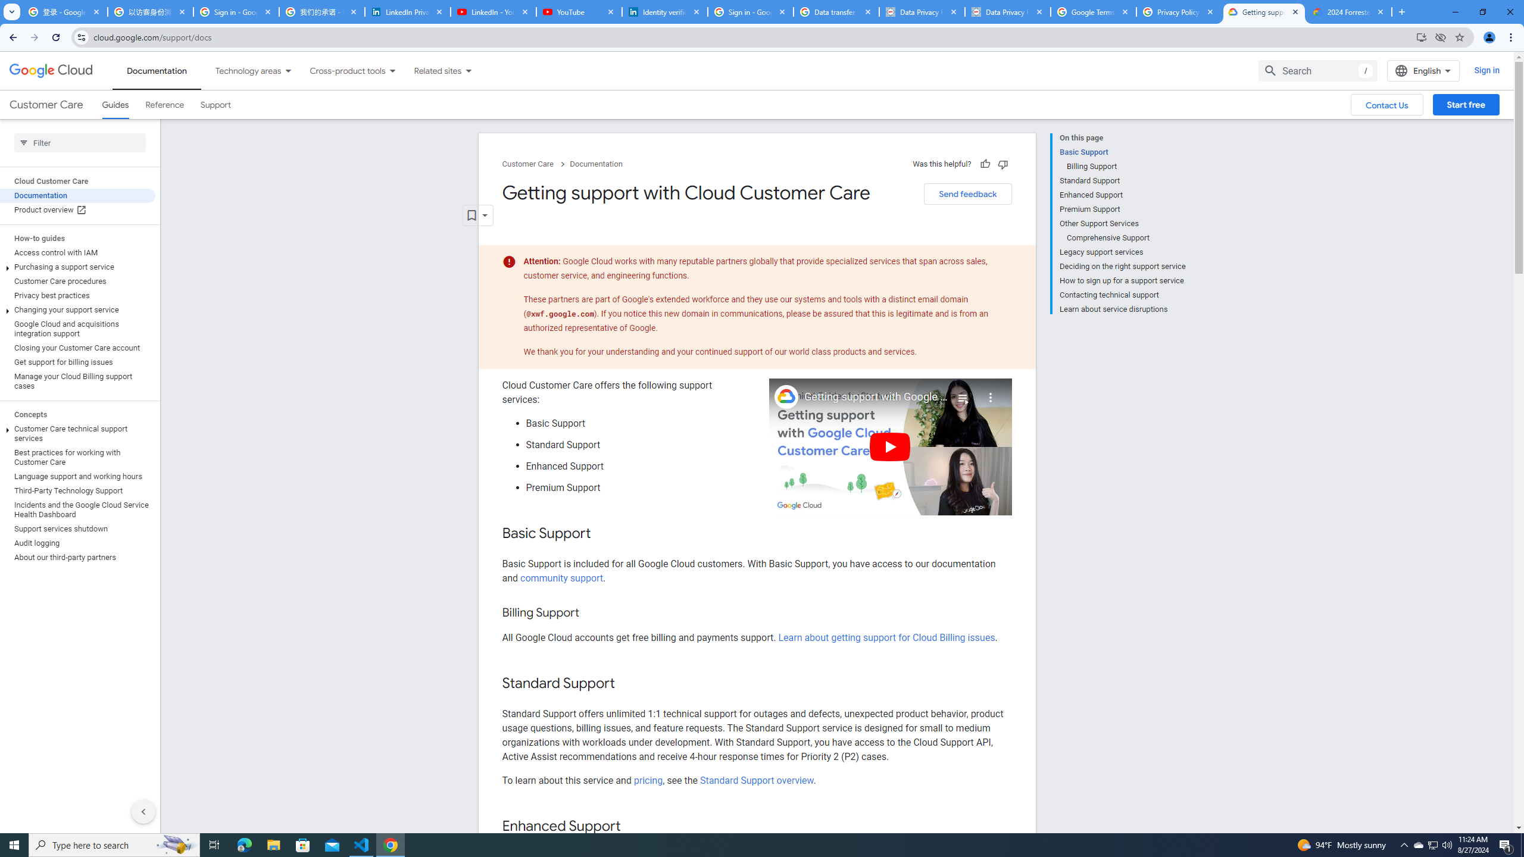 This screenshot has width=1524, height=857. What do you see at coordinates (1441, 36) in the screenshot?
I see `'Third-party cookies blocked'` at bounding box center [1441, 36].